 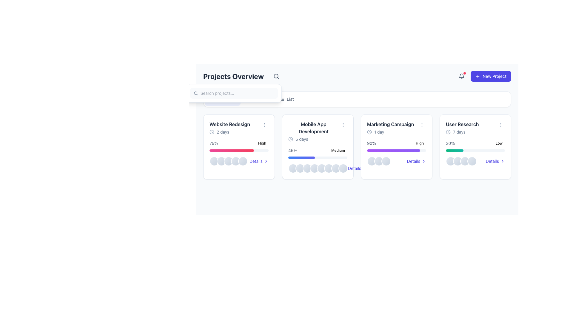 What do you see at coordinates (259, 161) in the screenshot?
I see `the 'Details' hyperlink with an indigo text and chevron icon located within the 'Website Redesign' project card` at bounding box center [259, 161].